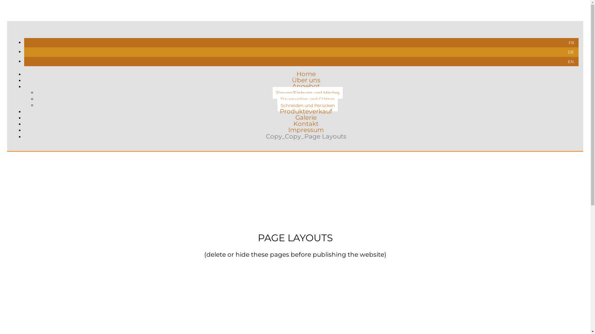 This screenshot has height=334, width=595. What do you see at coordinates (266, 136) in the screenshot?
I see `'Copy_Copy_Page Layouts'` at bounding box center [266, 136].